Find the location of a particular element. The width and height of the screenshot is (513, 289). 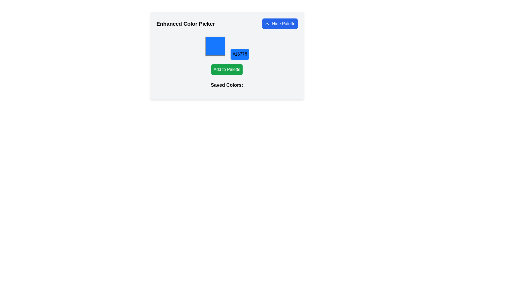

the Text Label that serves as a header for displaying saved colors, located beneath the 'Add to Palette' button is located at coordinates (227, 87).